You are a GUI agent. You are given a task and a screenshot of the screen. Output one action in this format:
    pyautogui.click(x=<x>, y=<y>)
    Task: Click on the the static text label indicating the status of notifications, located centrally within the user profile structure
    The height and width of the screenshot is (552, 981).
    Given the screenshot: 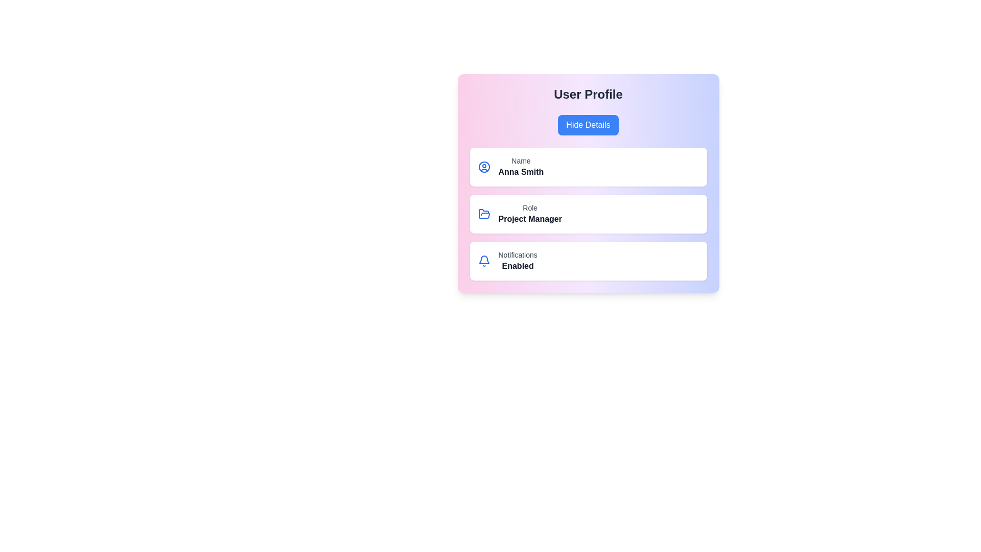 What is the action you would take?
    pyautogui.click(x=518, y=254)
    